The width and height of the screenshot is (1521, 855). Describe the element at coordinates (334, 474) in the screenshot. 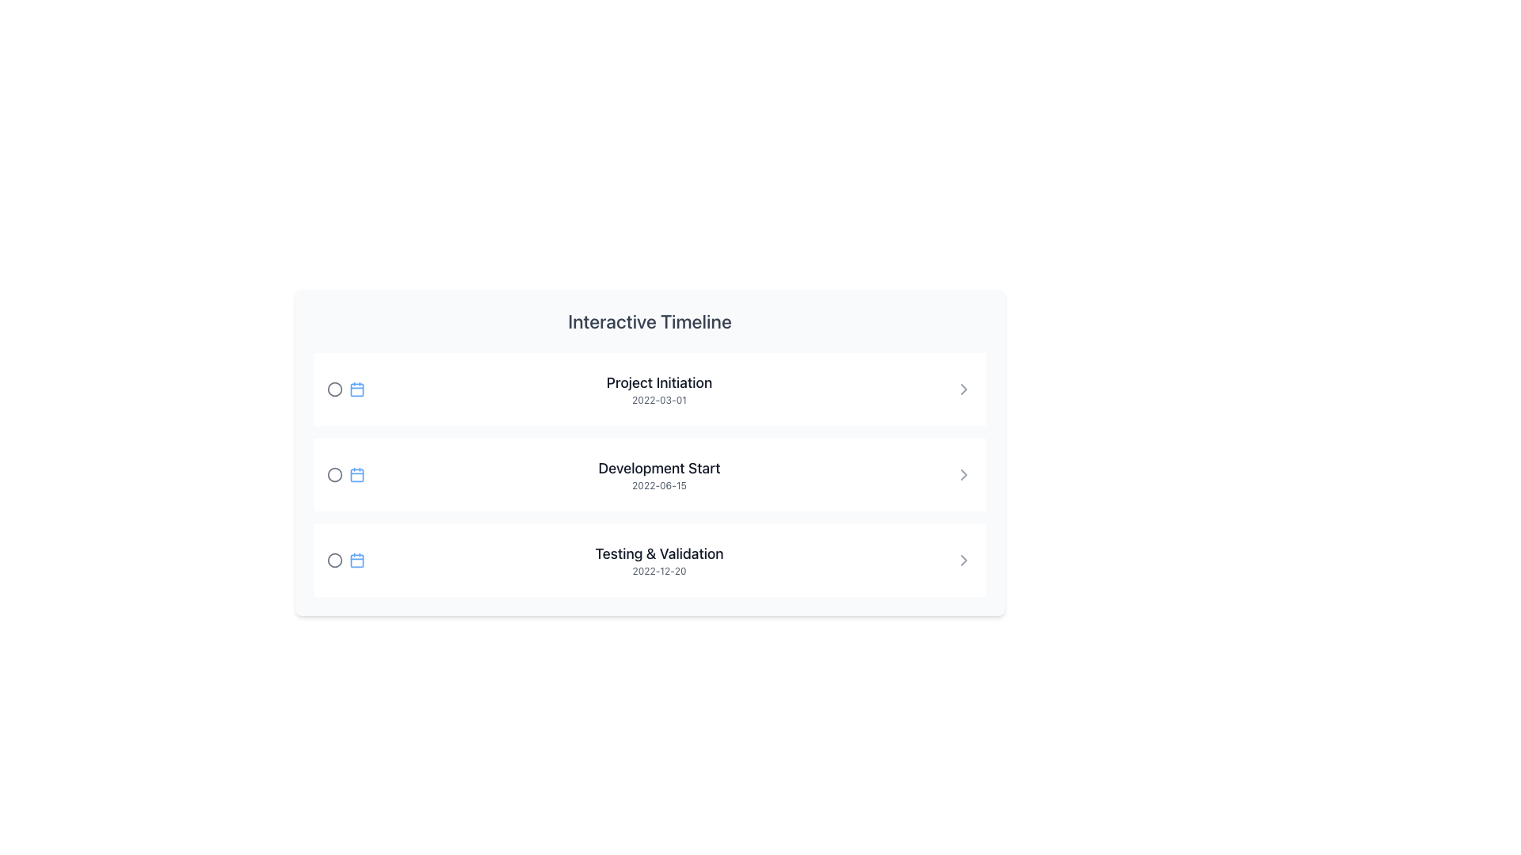

I see `the circular radio button located in the second row of the 'Interactive Timeline' list, next to the 'Development Start' label and the calendar icon` at that location.